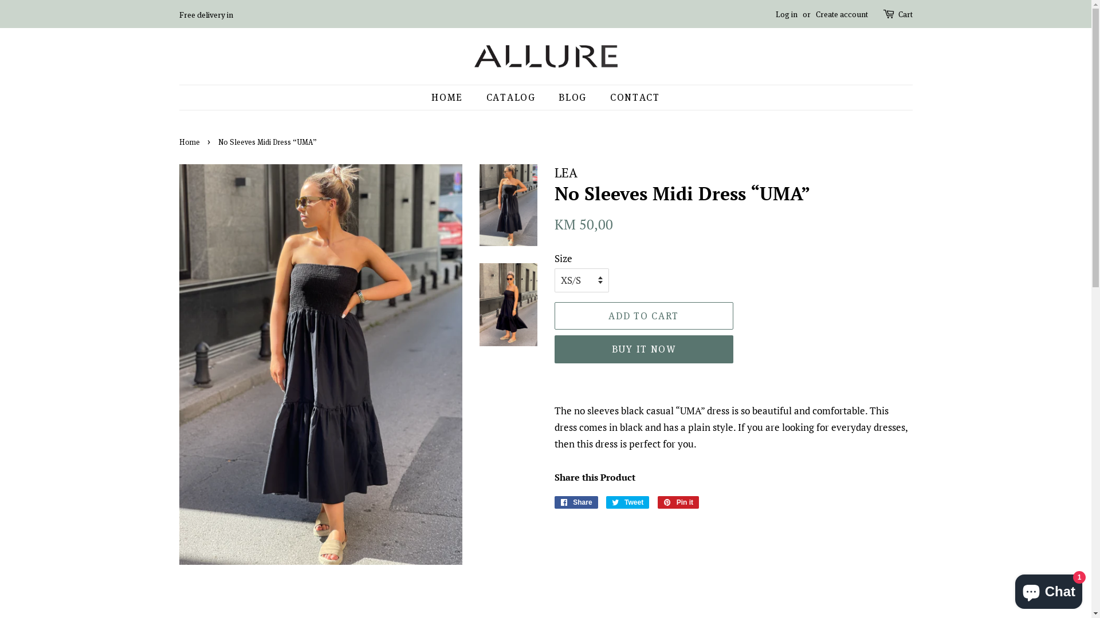  What do you see at coordinates (627, 502) in the screenshot?
I see `'Tweet` at bounding box center [627, 502].